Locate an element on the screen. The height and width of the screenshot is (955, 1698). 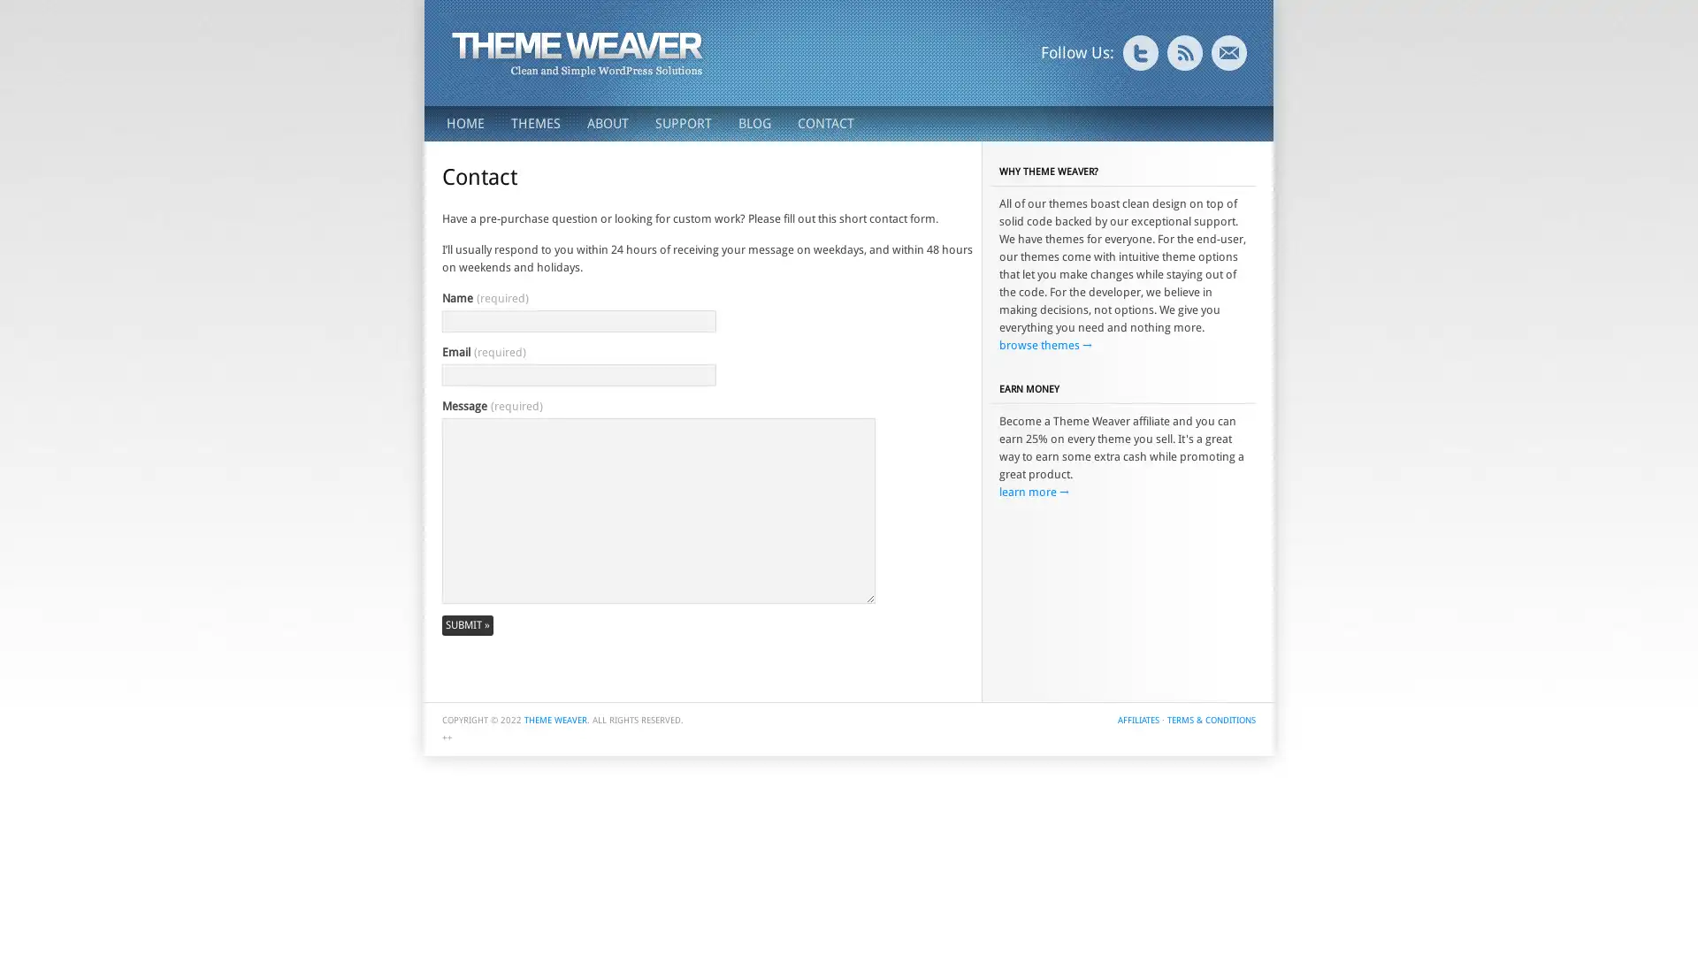
Submit is located at coordinates (467, 623).